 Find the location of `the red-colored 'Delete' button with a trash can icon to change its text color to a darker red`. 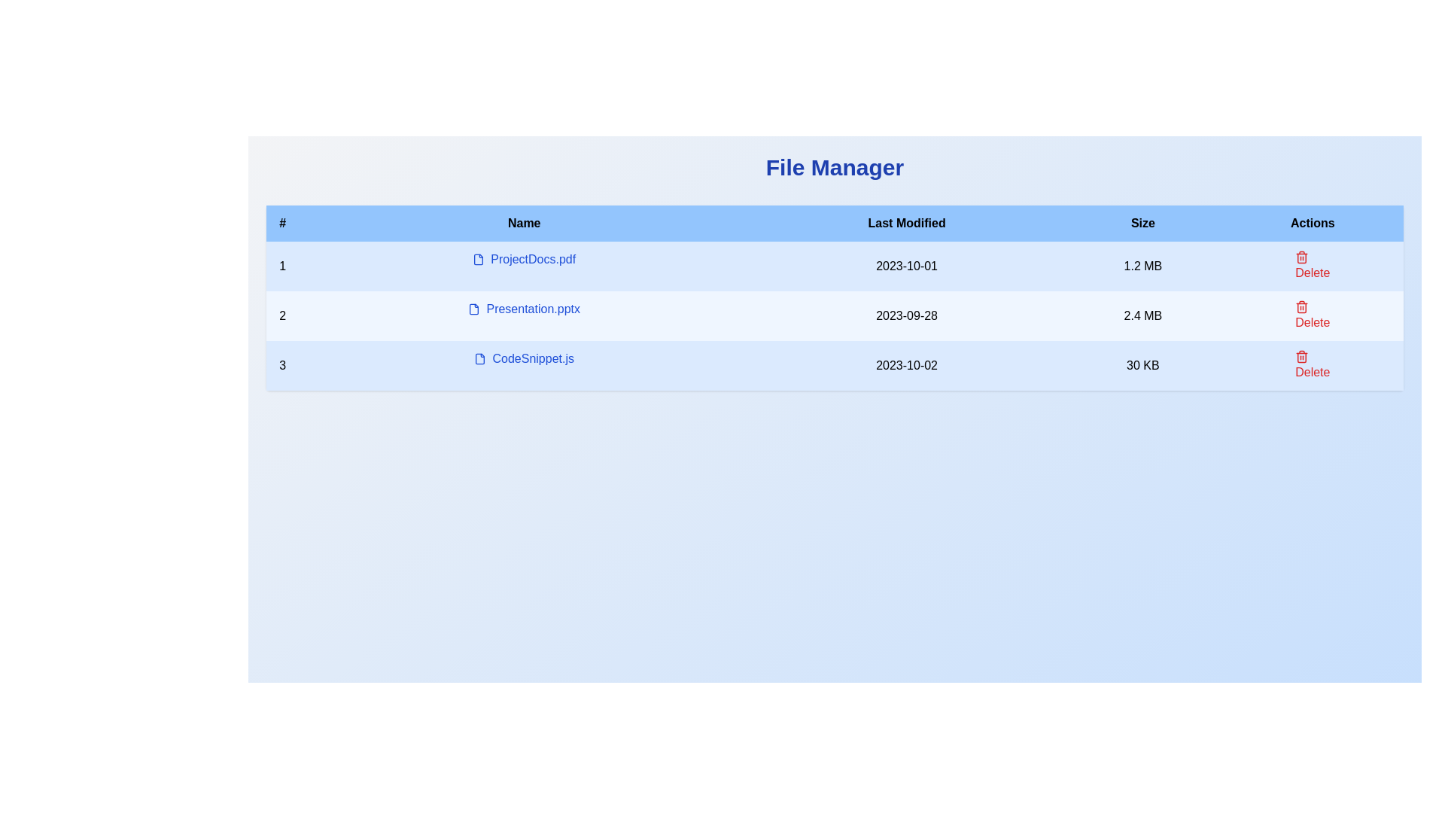

the red-colored 'Delete' button with a trash can icon to change its text color to a darker red is located at coordinates (1312, 315).